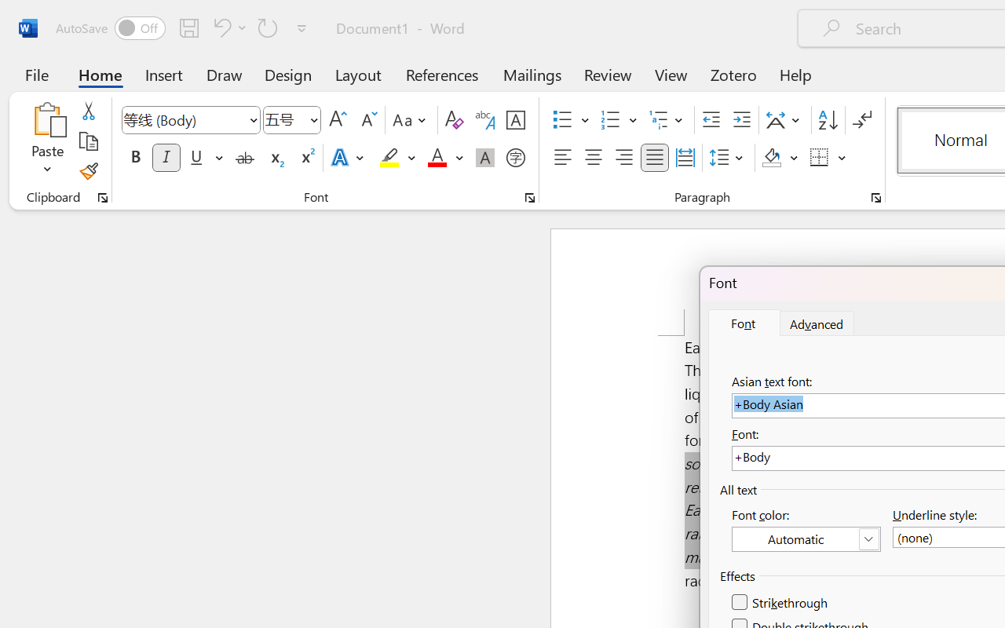 The image size is (1005, 628). Describe the element at coordinates (655, 158) in the screenshot. I see `'Justify'` at that location.